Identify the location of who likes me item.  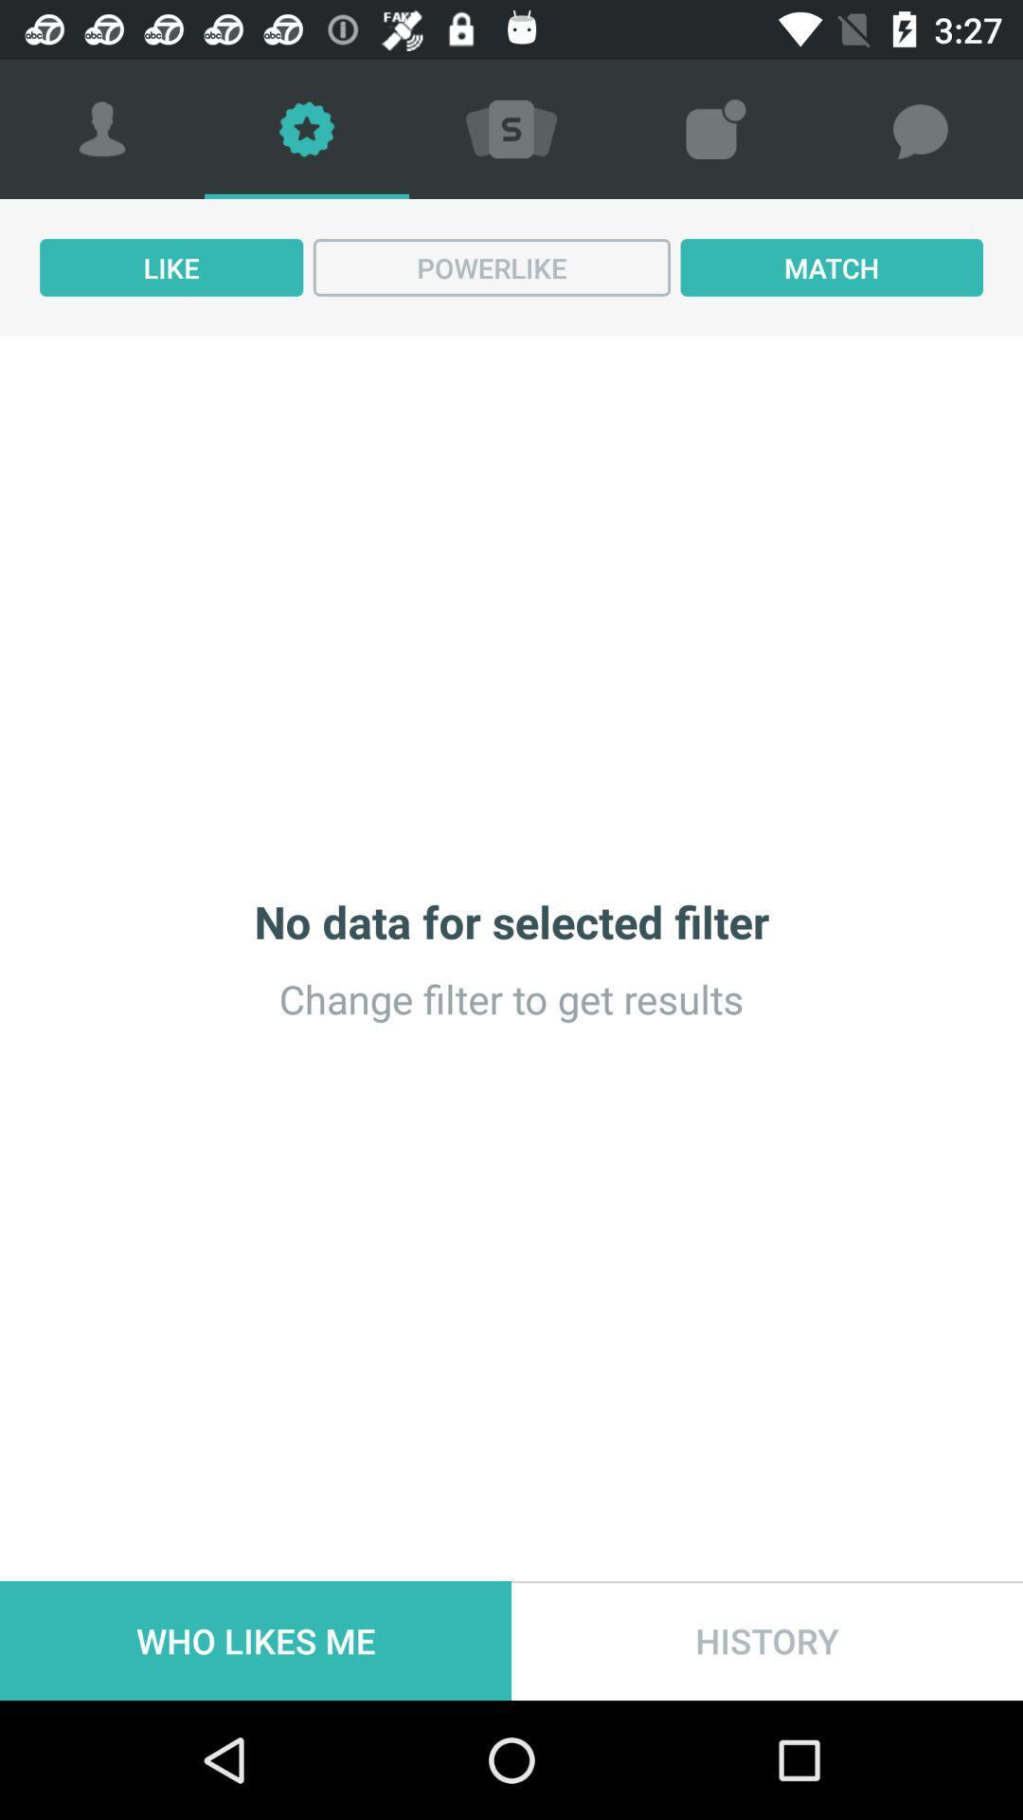
(256, 1640).